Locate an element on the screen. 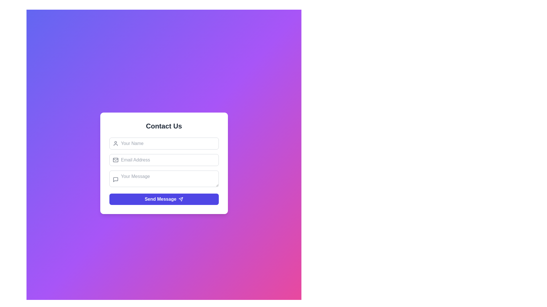 This screenshot has width=547, height=307. the gray chat bubble icon located to the left of the 'Your Message' text input field in the contact form interface is located at coordinates (115, 180).